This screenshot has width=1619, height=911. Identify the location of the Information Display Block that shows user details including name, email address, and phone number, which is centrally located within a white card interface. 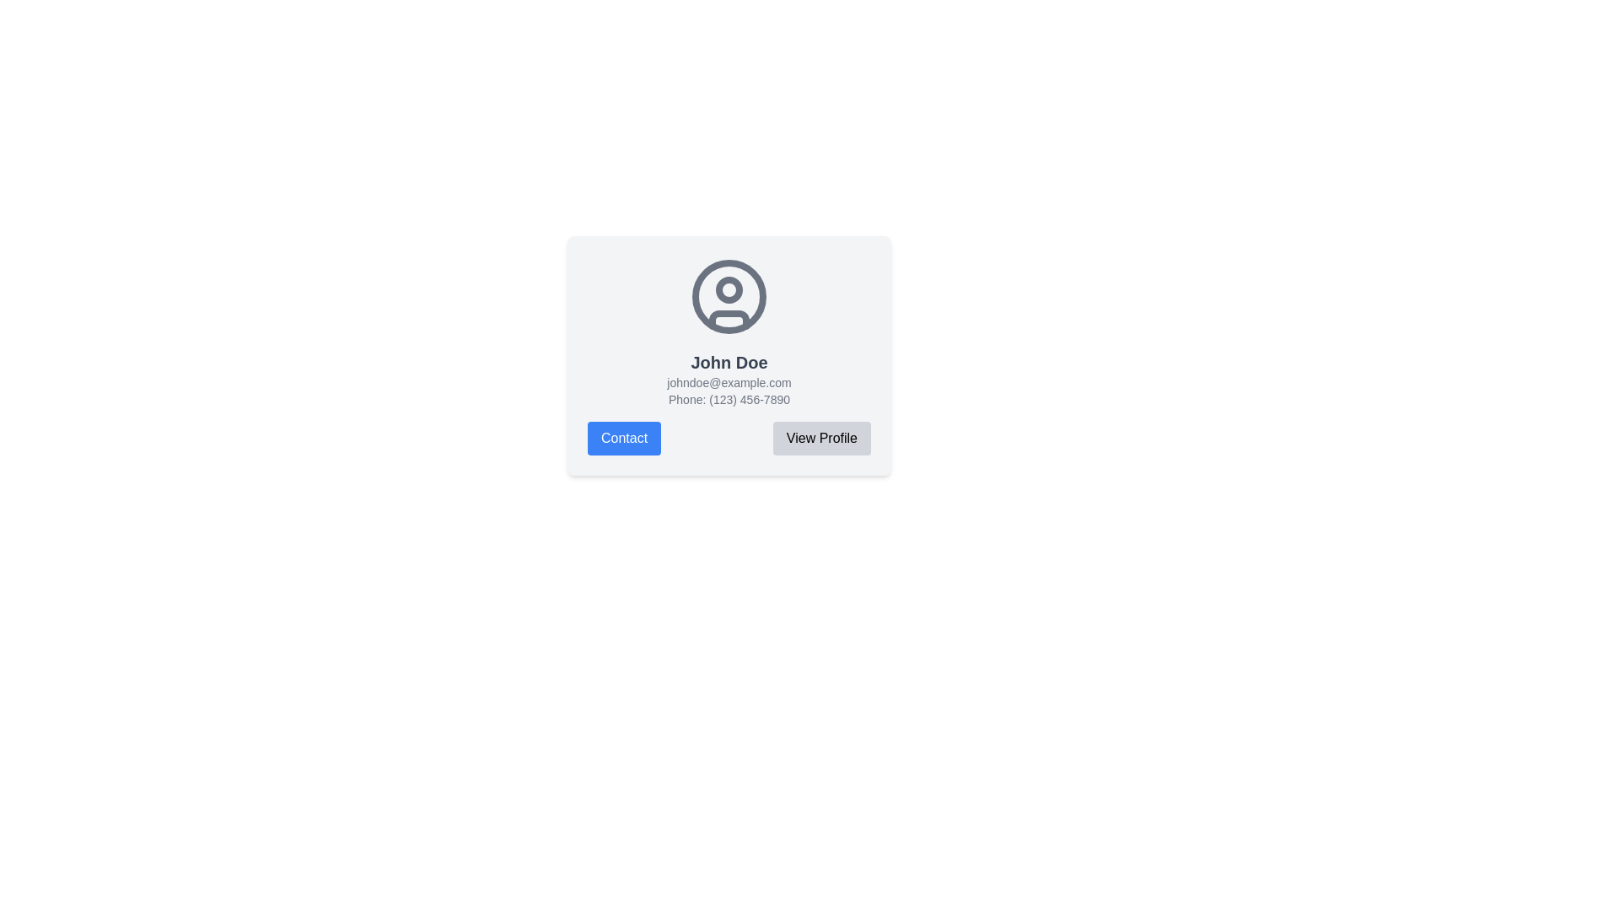
(729, 332).